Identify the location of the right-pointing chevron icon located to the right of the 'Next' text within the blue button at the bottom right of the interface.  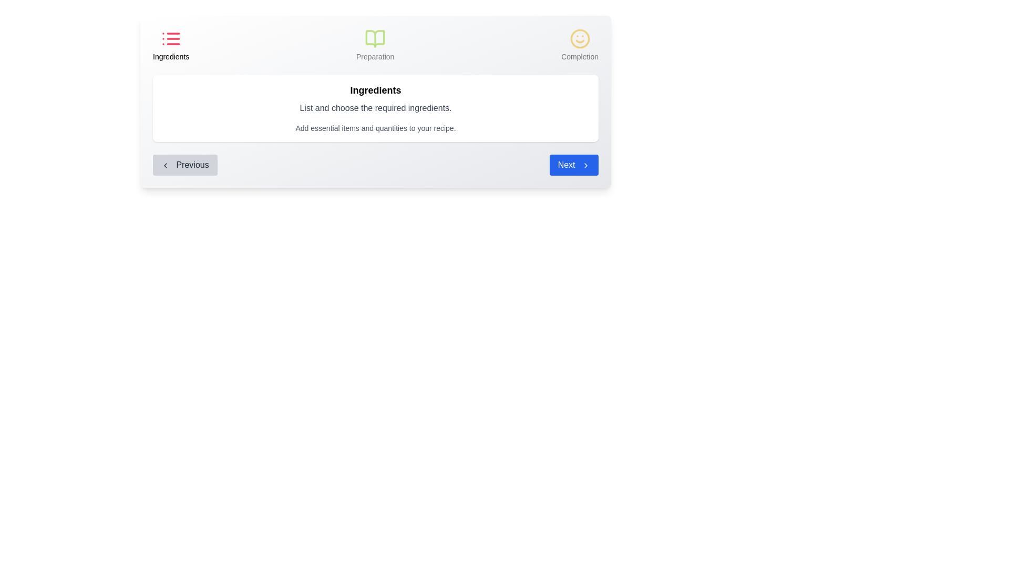
(585, 165).